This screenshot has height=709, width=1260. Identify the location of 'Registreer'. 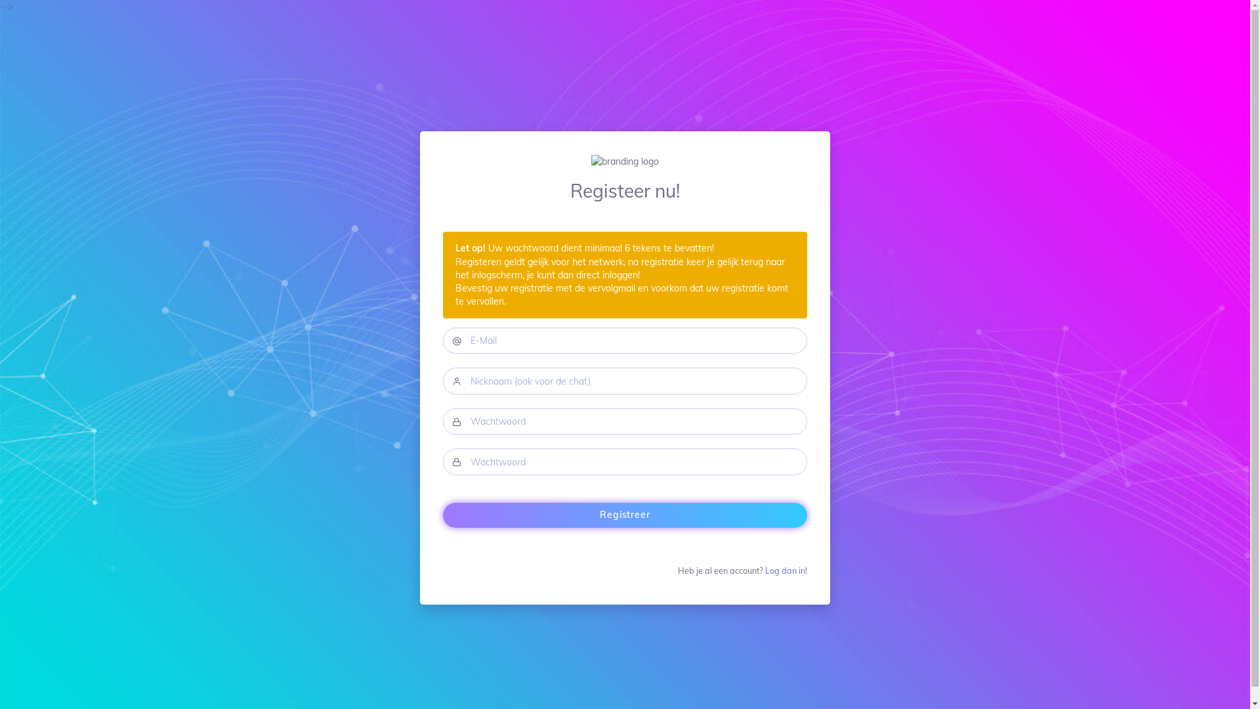
(624, 515).